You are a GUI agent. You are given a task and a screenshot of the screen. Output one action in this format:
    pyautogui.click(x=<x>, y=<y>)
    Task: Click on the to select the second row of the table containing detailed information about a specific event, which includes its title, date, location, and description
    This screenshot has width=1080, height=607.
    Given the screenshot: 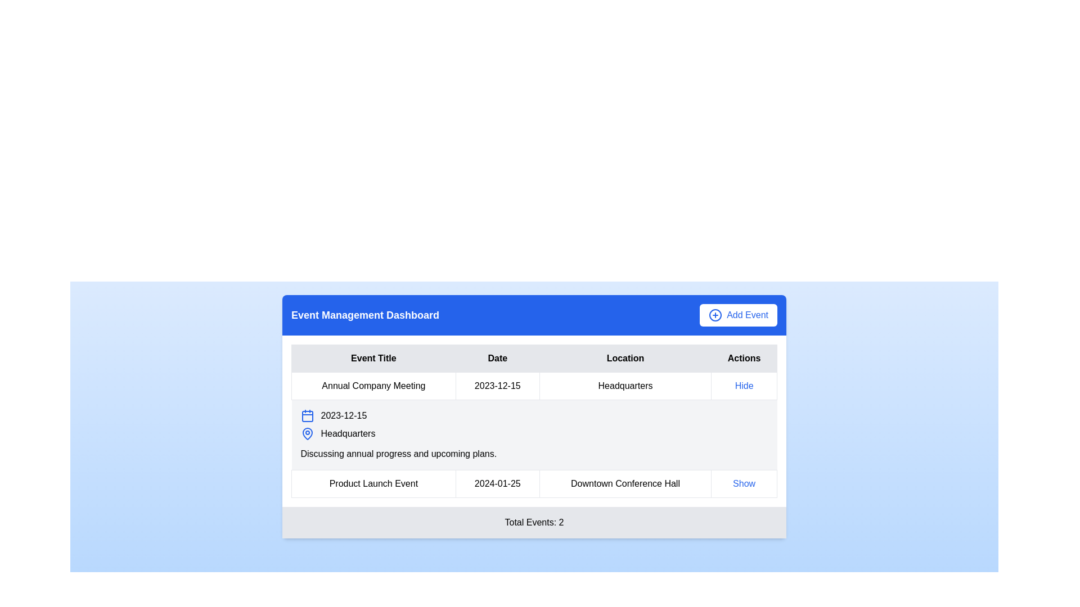 What is the action you would take?
    pyautogui.click(x=534, y=434)
    